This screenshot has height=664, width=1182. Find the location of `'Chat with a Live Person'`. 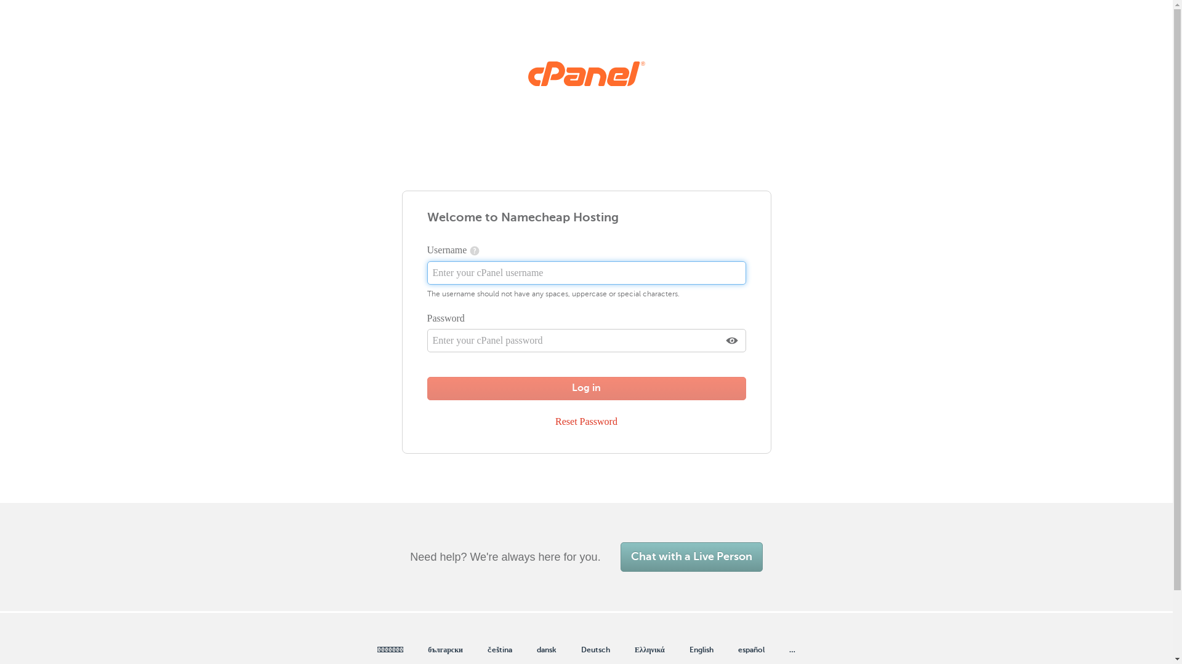

'Chat with a Live Person' is located at coordinates (691, 557).